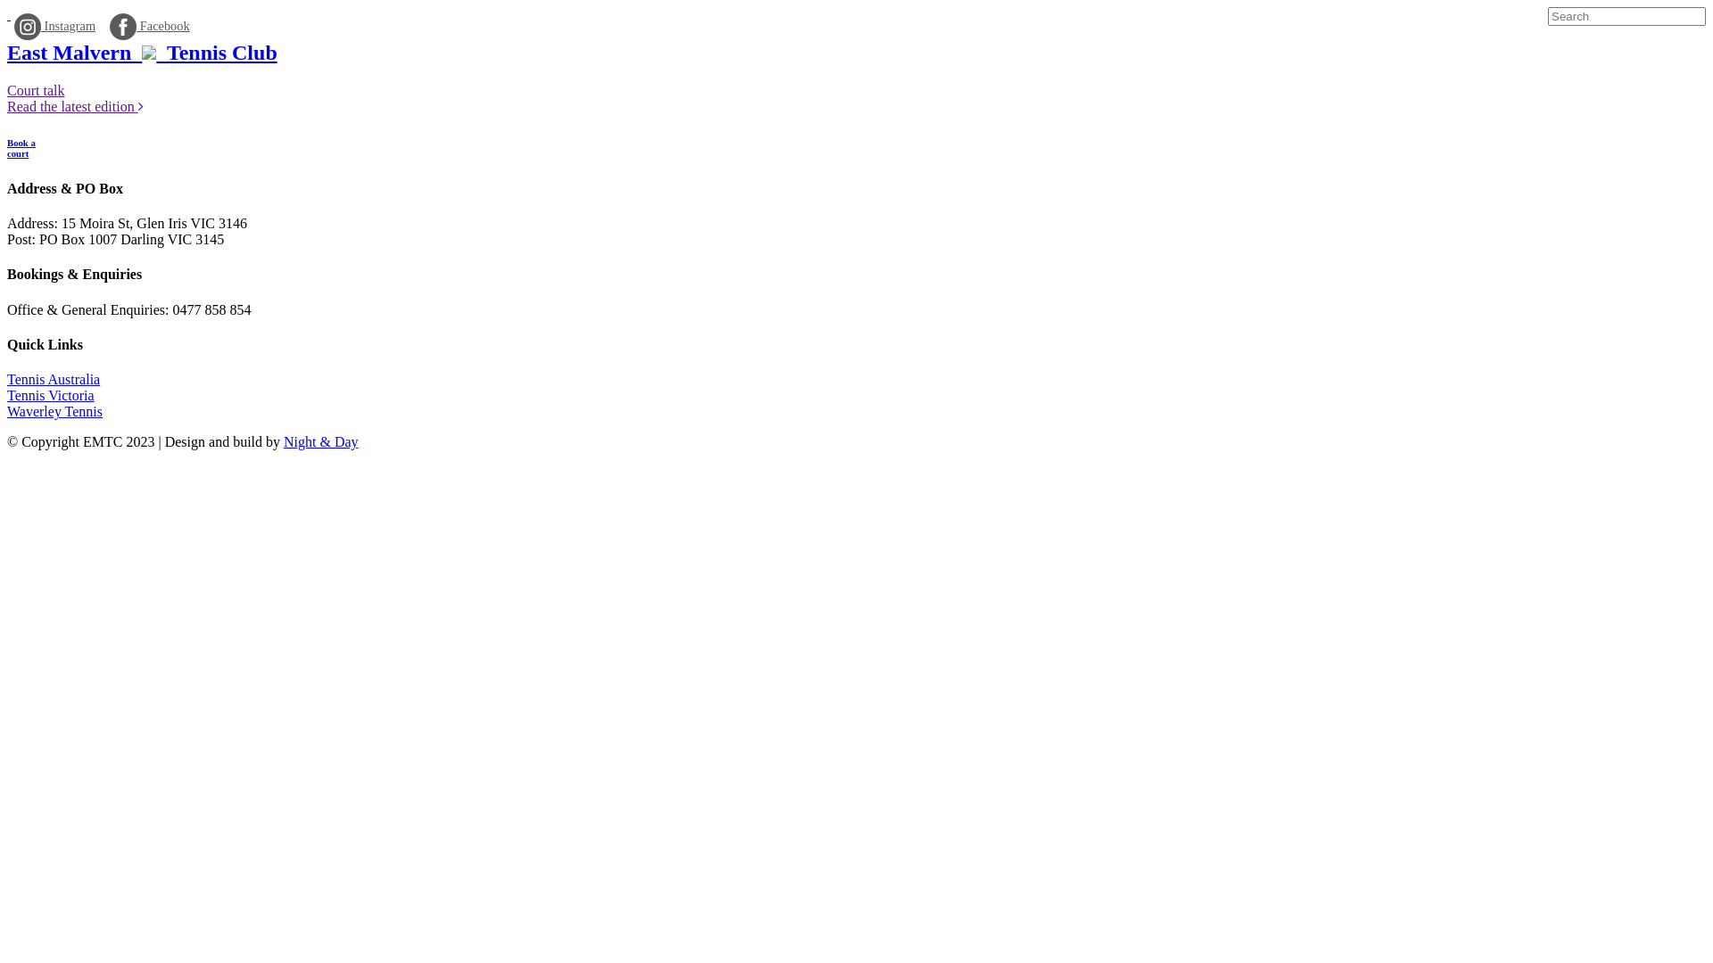 This screenshot has height=963, width=1713. Describe the element at coordinates (74, 98) in the screenshot. I see `'Court talk` at that location.